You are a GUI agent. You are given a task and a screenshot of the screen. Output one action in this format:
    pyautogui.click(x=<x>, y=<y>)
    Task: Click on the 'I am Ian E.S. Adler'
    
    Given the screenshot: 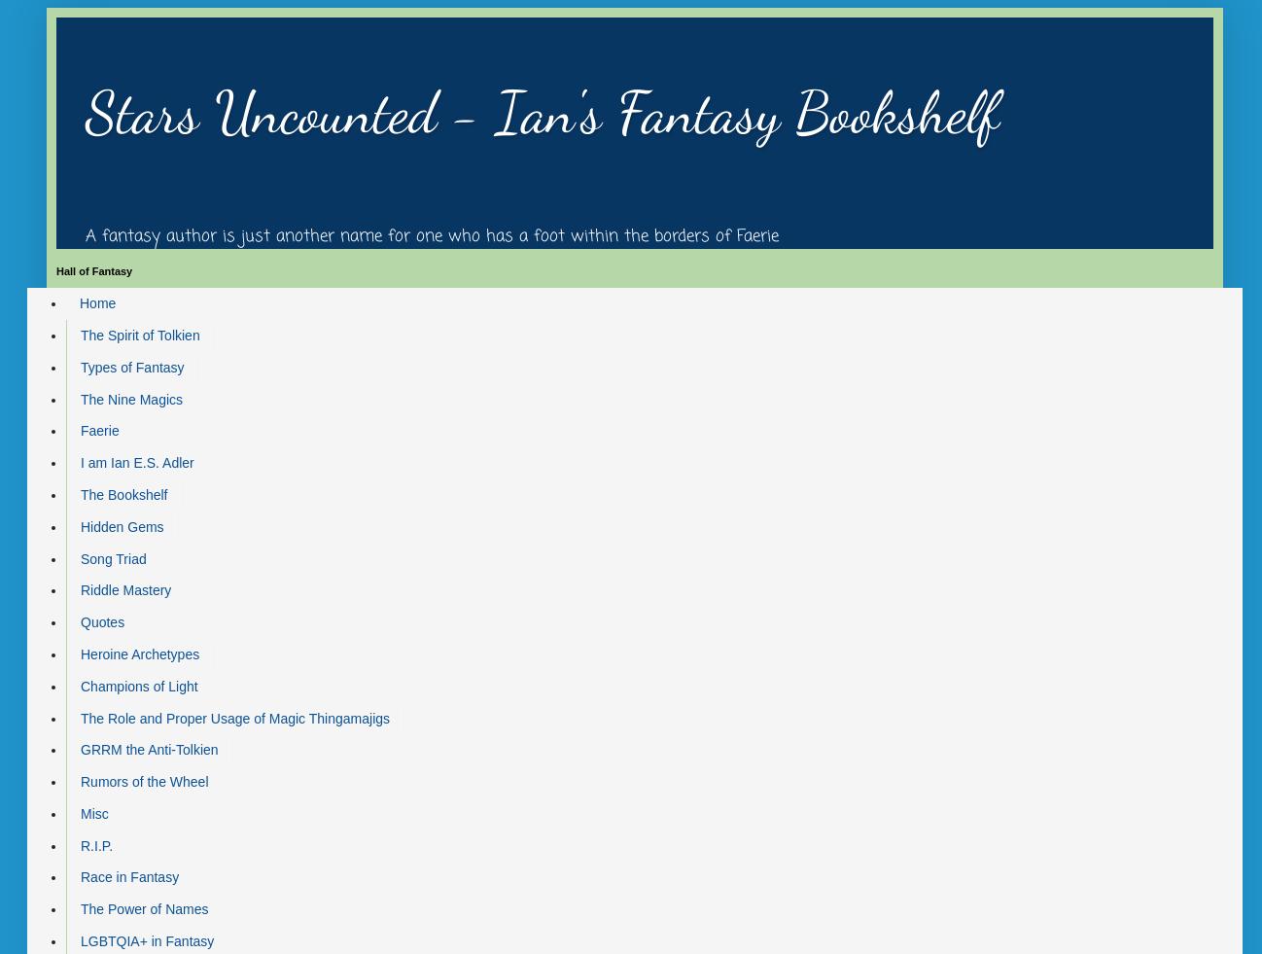 What is the action you would take?
    pyautogui.click(x=135, y=461)
    